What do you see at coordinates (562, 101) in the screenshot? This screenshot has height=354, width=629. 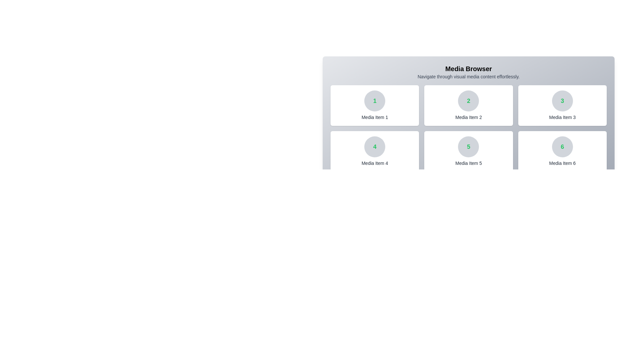 I see `the text element that identifies 'Media Item 3' located in the top-right section of the second row in the 'Media Browser' interface` at bounding box center [562, 101].